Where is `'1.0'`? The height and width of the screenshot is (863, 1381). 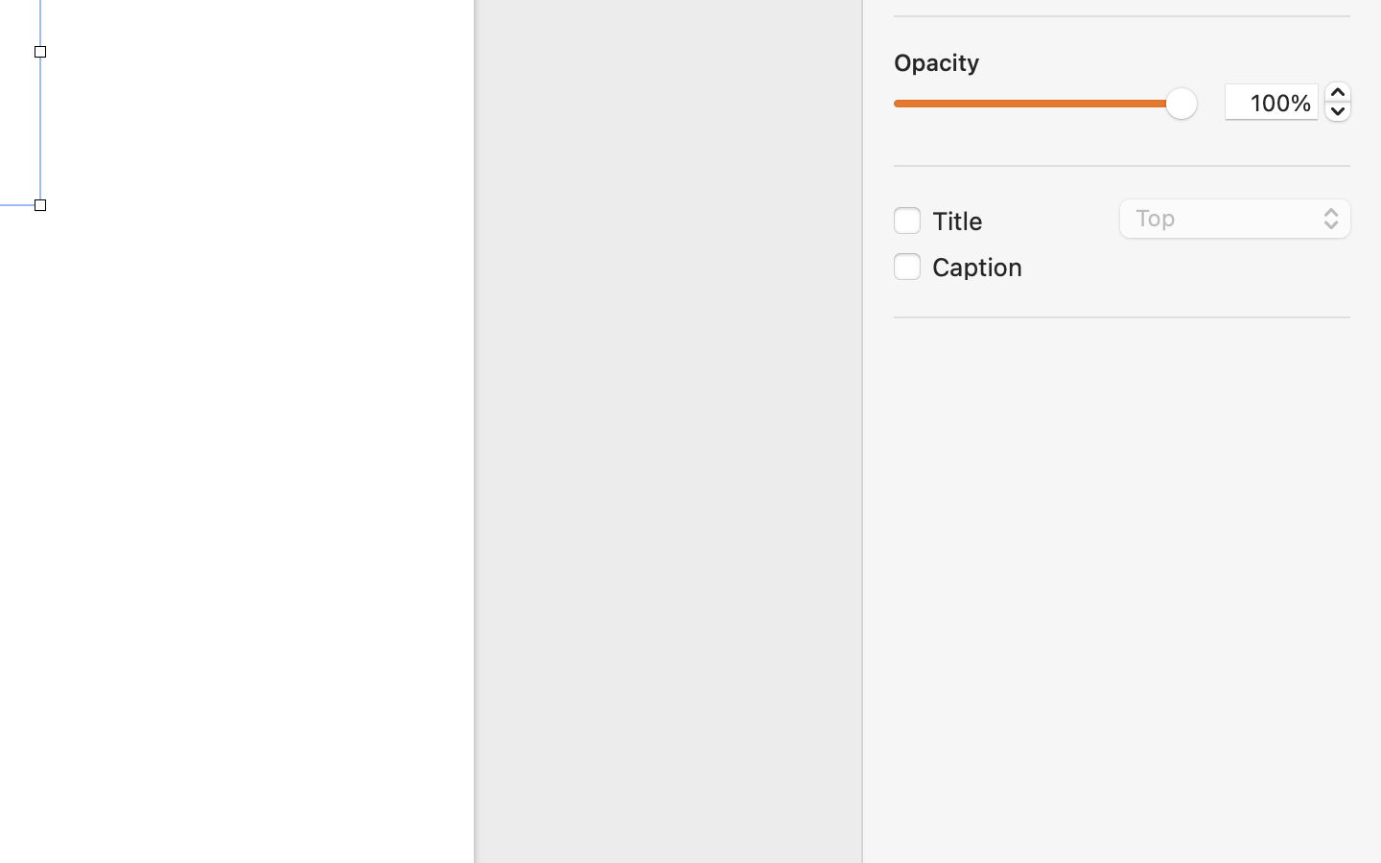
'1.0' is located at coordinates (1043, 103).